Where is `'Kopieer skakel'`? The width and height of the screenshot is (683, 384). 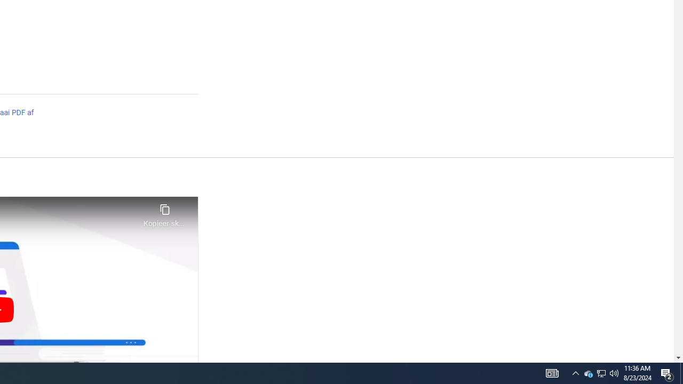
'Kopieer skakel' is located at coordinates (164, 212).